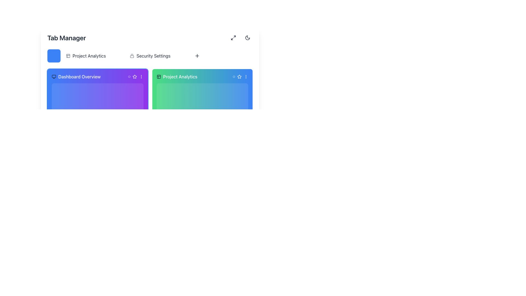  What do you see at coordinates (245, 77) in the screenshot?
I see `the options icon located at the top-right corner of the 'Project Analytics' card` at bounding box center [245, 77].